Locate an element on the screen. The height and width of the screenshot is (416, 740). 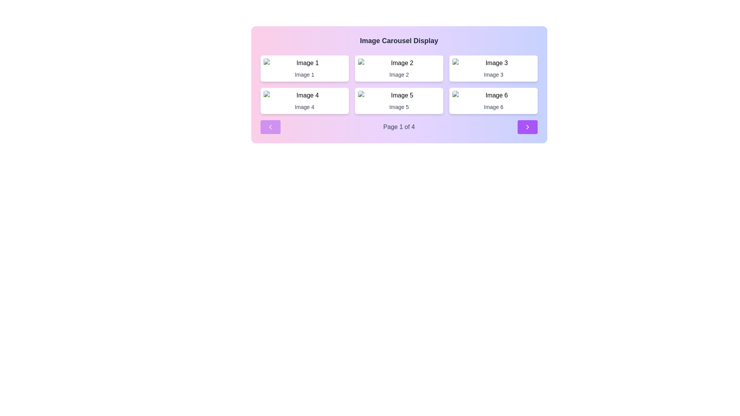
the image in the second row, first column of the carousel that has the label 'Image 4' is located at coordinates (304, 95).